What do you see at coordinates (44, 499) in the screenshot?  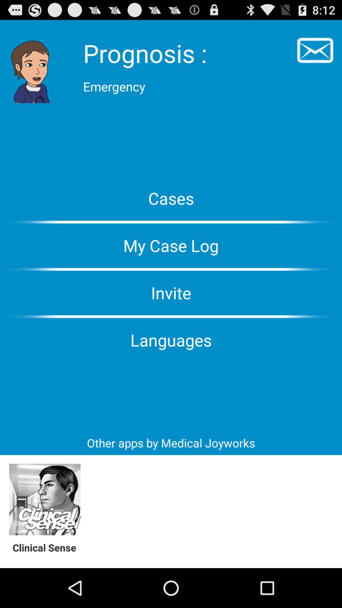 I see `new app information` at bounding box center [44, 499].